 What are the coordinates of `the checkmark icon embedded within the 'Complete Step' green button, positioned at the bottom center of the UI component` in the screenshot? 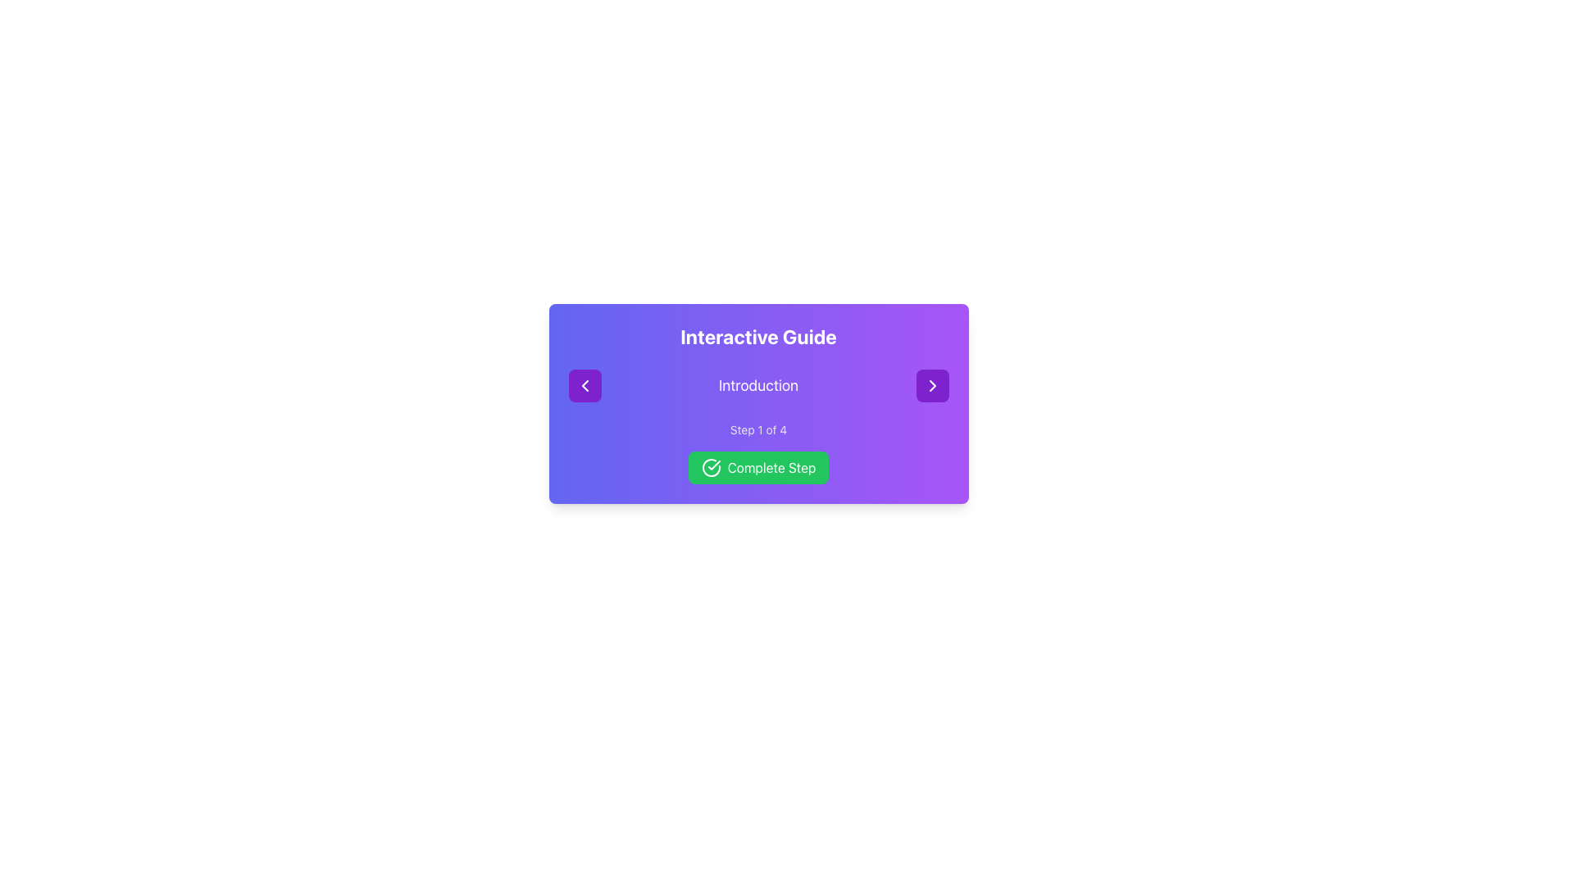 It's located at (714, 465).